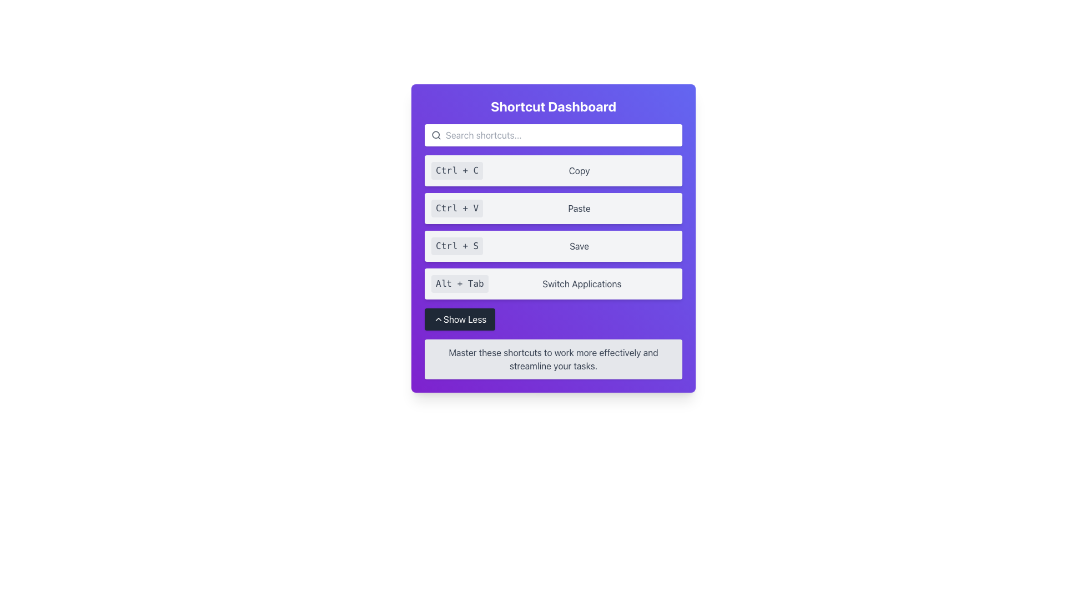 This screenshot has width=1066, height=599. Describe the element at coordinates (554, 245) in the screenshot. I see `the informational component that displays the keyboard shortcut for the 'Save' action, which is located vertically between the 'Ctrl + V' and 'Alt + Tab' shortcuts` at that location.